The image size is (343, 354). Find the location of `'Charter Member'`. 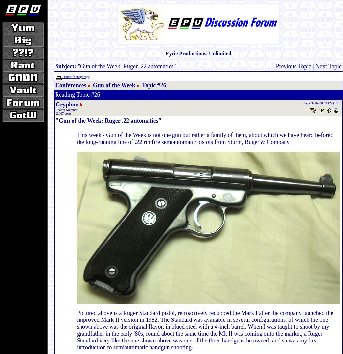

'Charter Member' is located at coordinates (66, 109).